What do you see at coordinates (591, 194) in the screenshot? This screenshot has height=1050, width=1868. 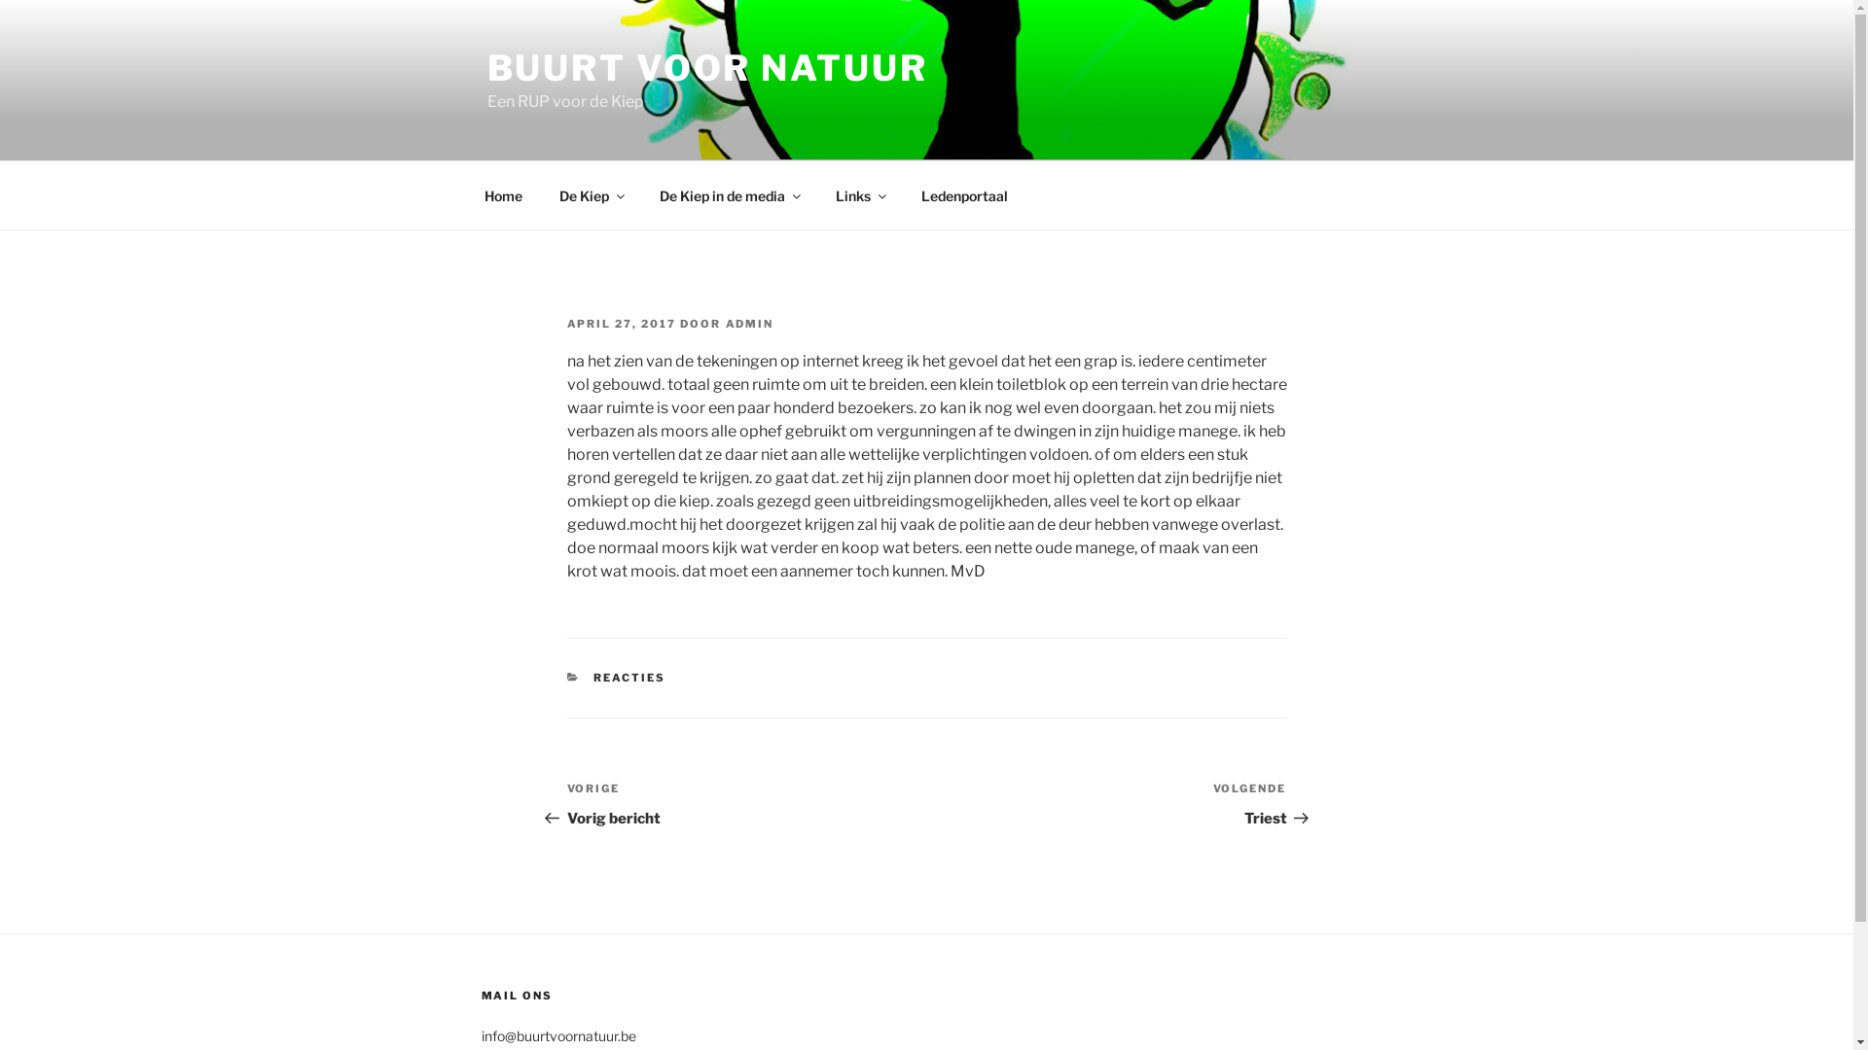 I see `'De Kiep'` at bounding box center [591, 194].